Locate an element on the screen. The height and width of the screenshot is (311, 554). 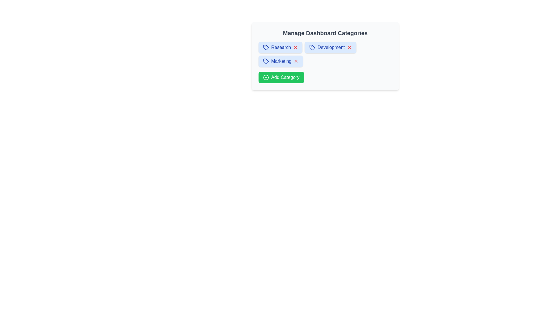
the text of the category chip labeled Development to highlight it is located at coordinates (331, 47).